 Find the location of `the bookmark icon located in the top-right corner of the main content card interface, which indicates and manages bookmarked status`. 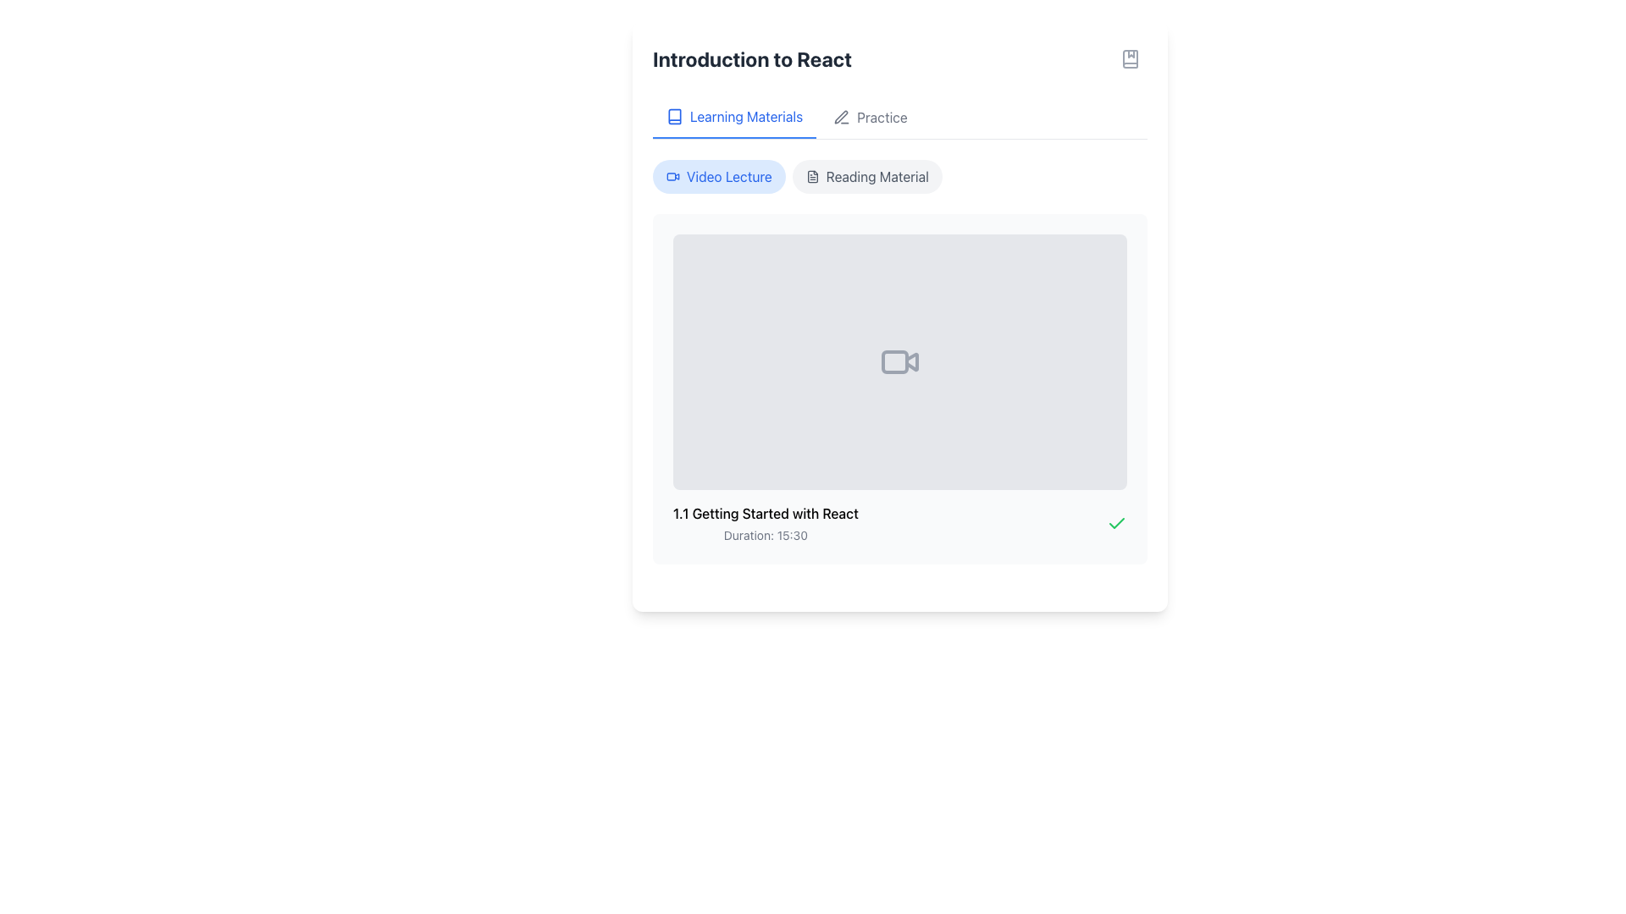

the bookmark icon located in the top-right corner of the main content card interface, which indicates and manages bookmarked status is located at coordinates (1130, 58).